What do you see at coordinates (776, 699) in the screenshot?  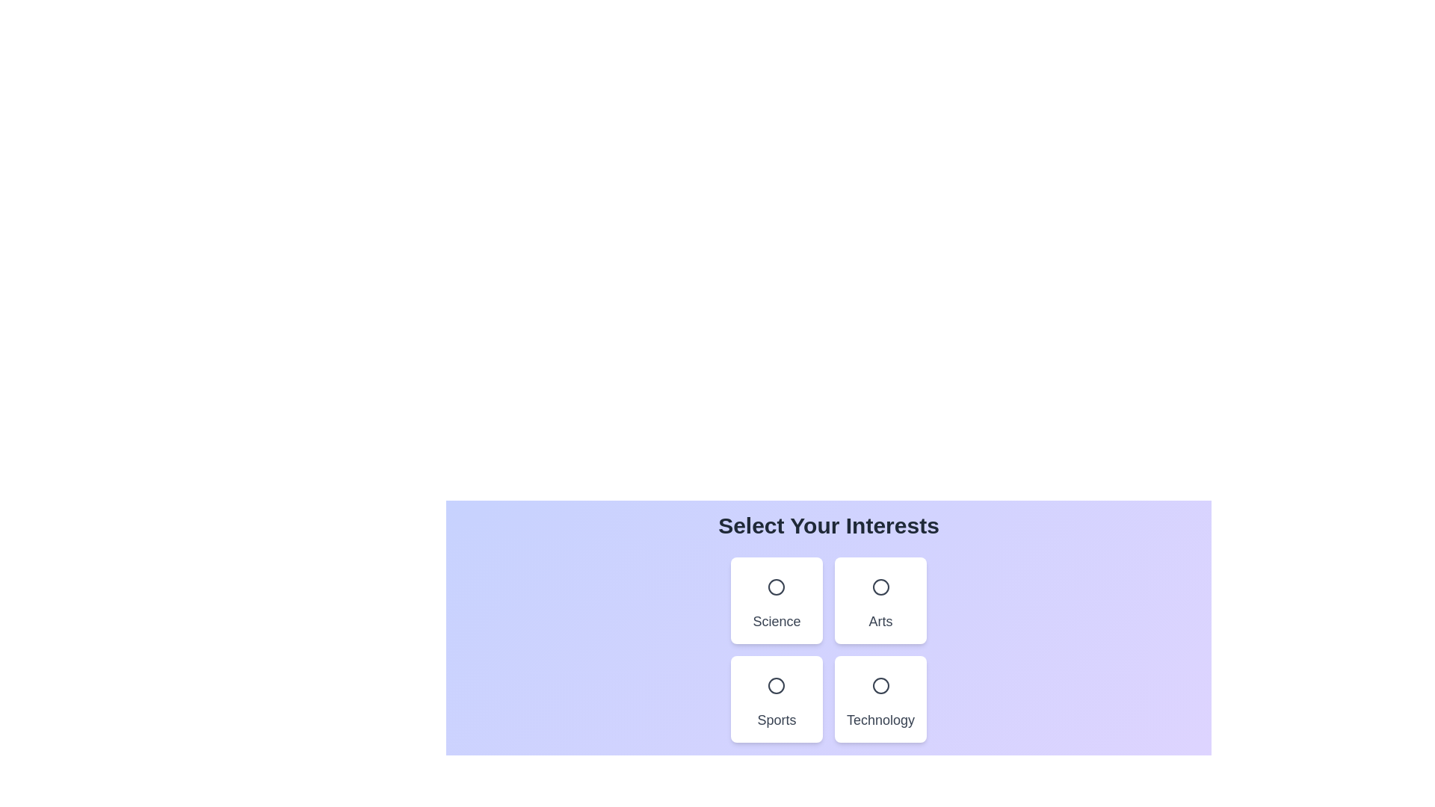 I see `the category Sports by clicking on it` at bounding box center [776, 699].